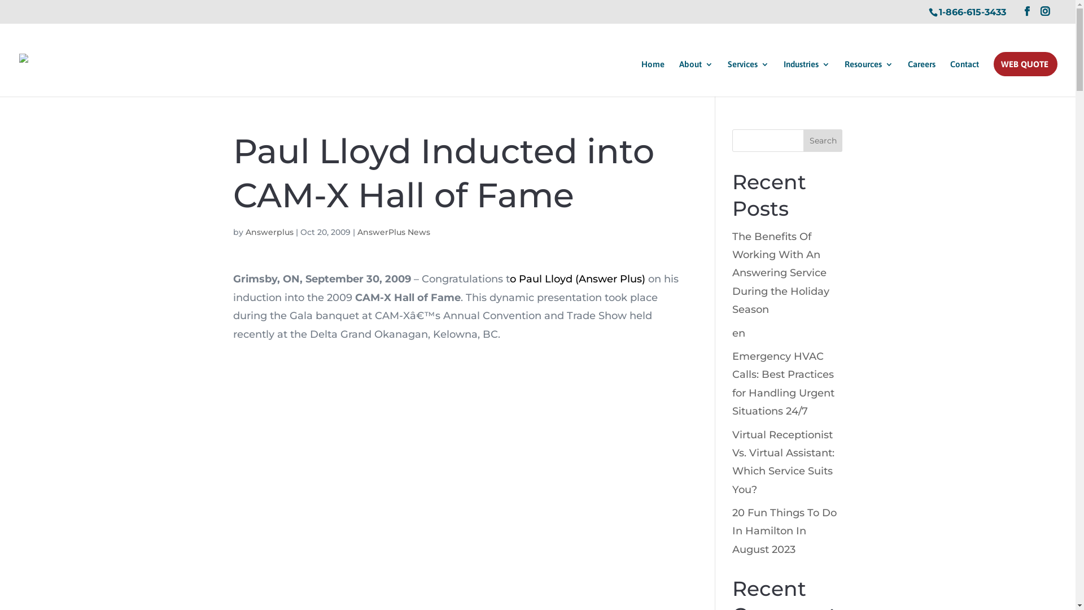 The width and height of the screenshot is (1084, 610). What do you see at coordinates (738, 333) in the screenshot?
I see `'en'` at bounding box center [738, 333].